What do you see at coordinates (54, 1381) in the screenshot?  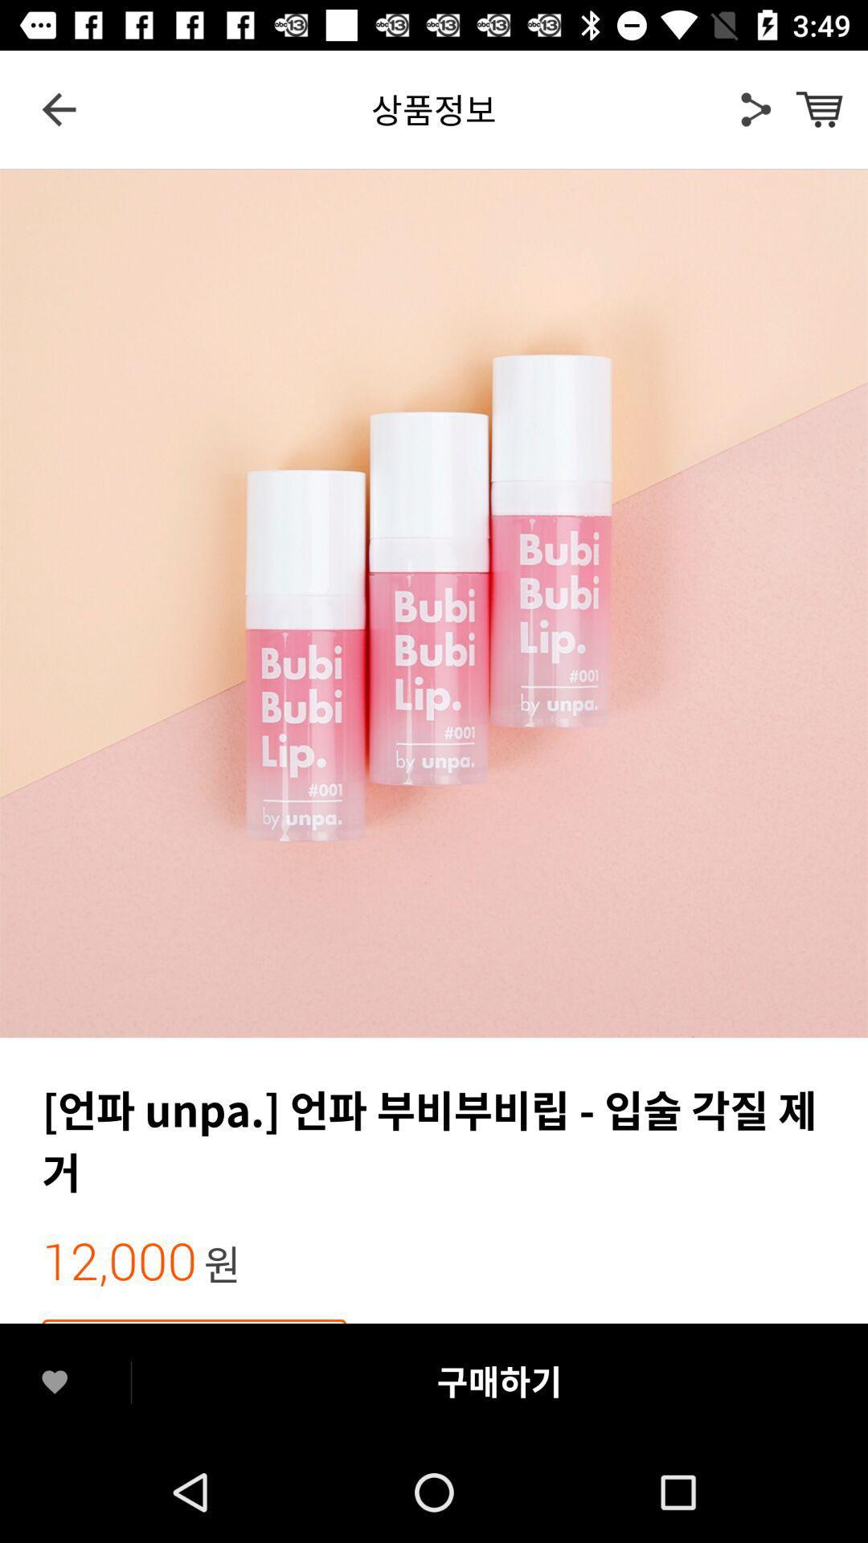 I see `the favorite icon` at bounding box center [54, 1381].